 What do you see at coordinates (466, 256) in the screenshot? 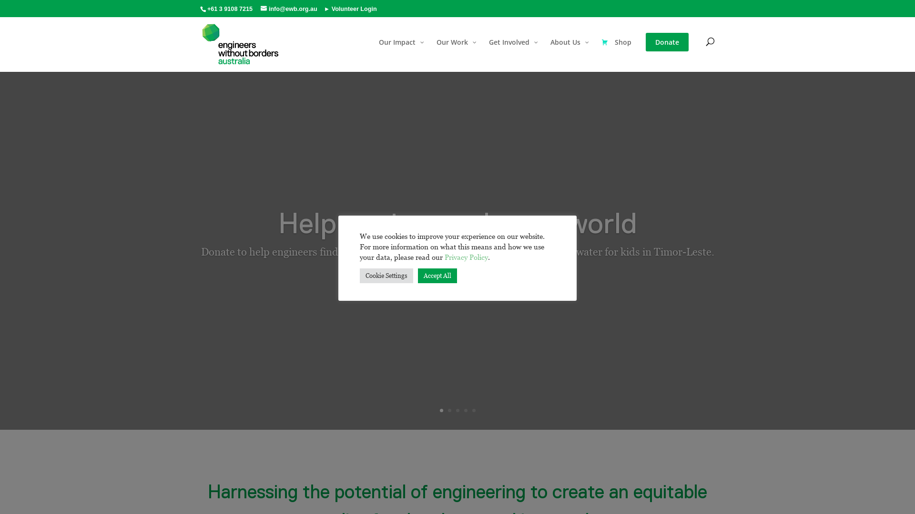
I see `'Privacy Policy'` at bounding box center [466, 256].